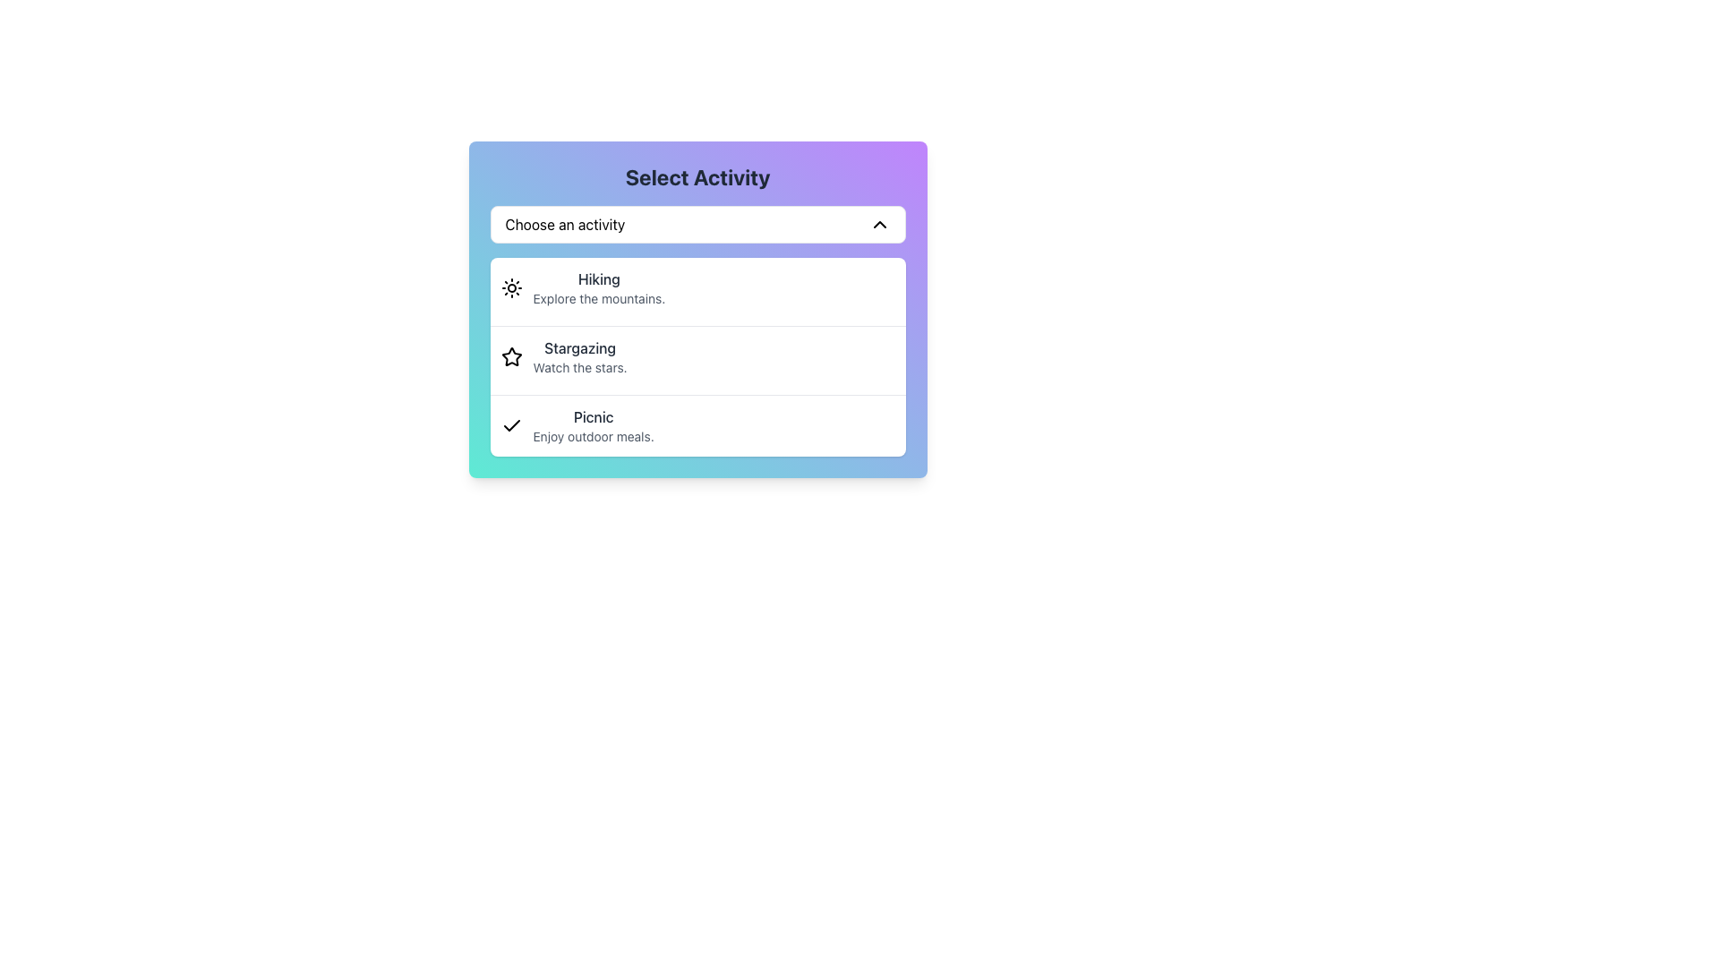  Describe the element at coordinates (564, 223) in the screenshot. I see `the Text Label that serves as the title for the dropdown menu, which is located slightly left of the center within the white rectangle at the top of the dropdown menu` at that location.